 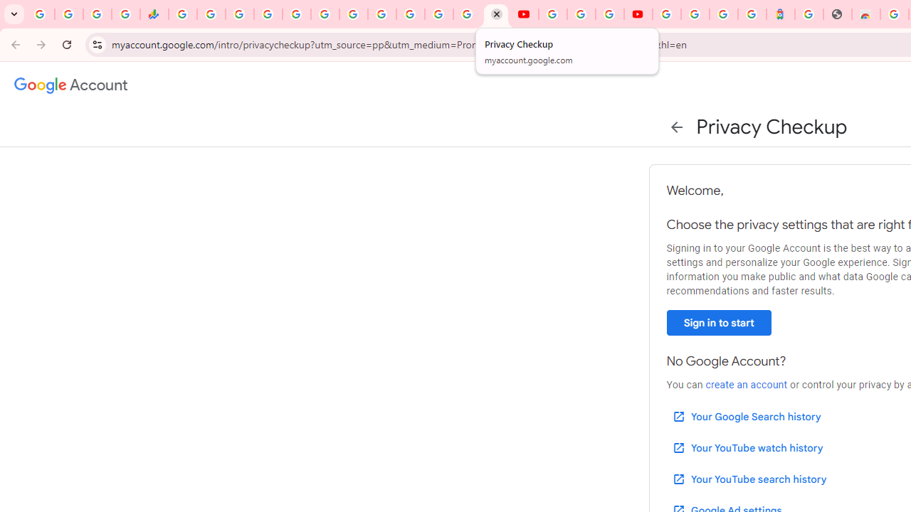 What do you see at coordinates (665, 14) in the screenshot?
I see `'Sign in - Google Accounts'` at bounding box center [665, 14].